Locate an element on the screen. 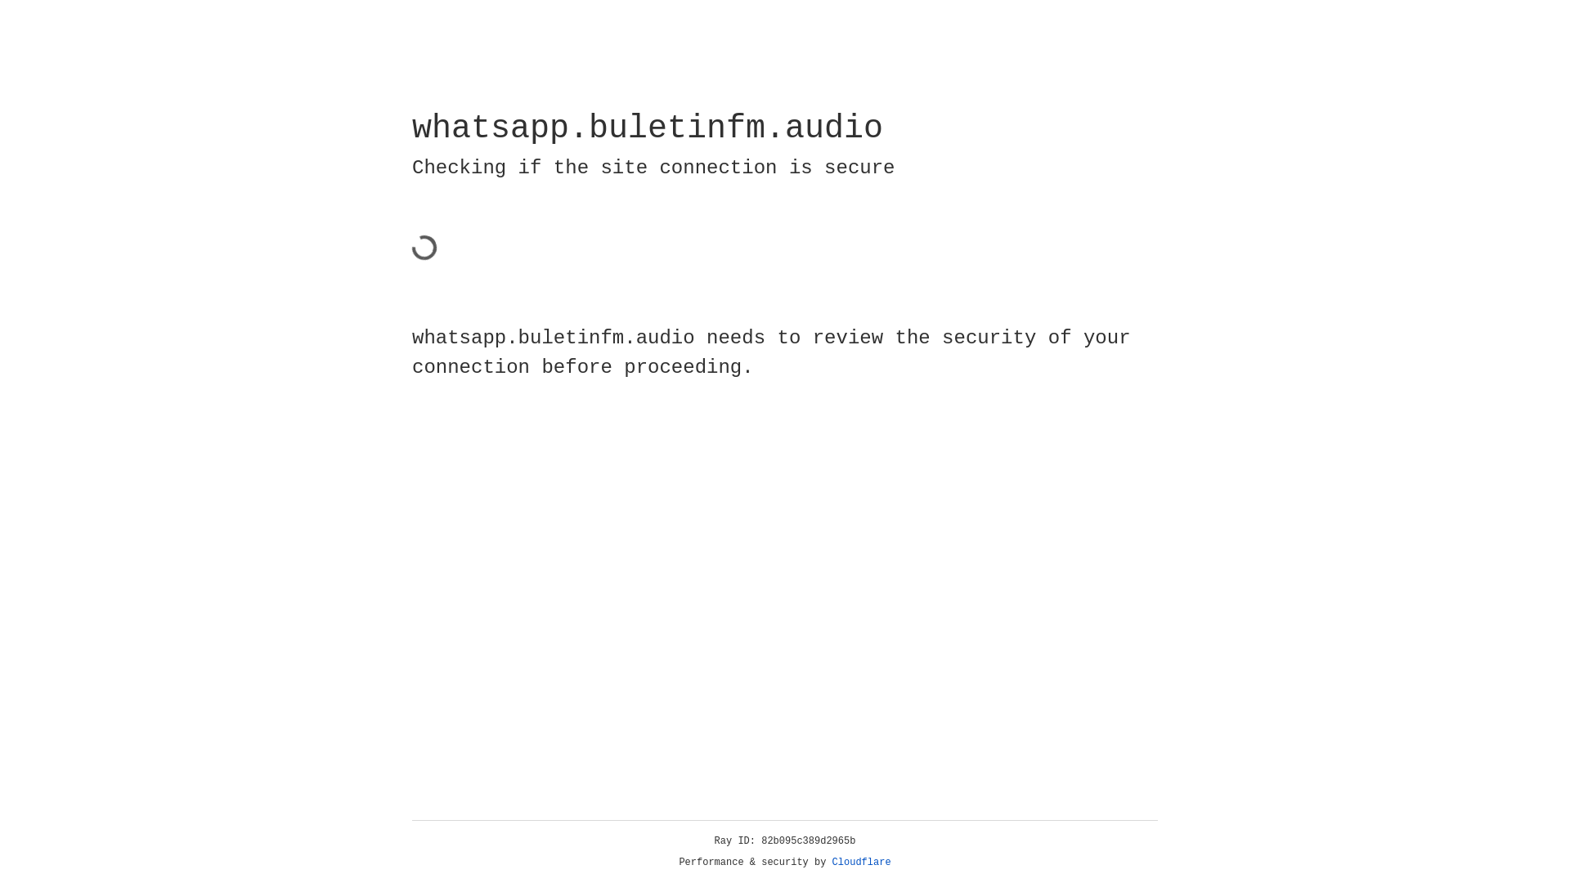  'Cloudflare' is located at coordinates (832, 862).